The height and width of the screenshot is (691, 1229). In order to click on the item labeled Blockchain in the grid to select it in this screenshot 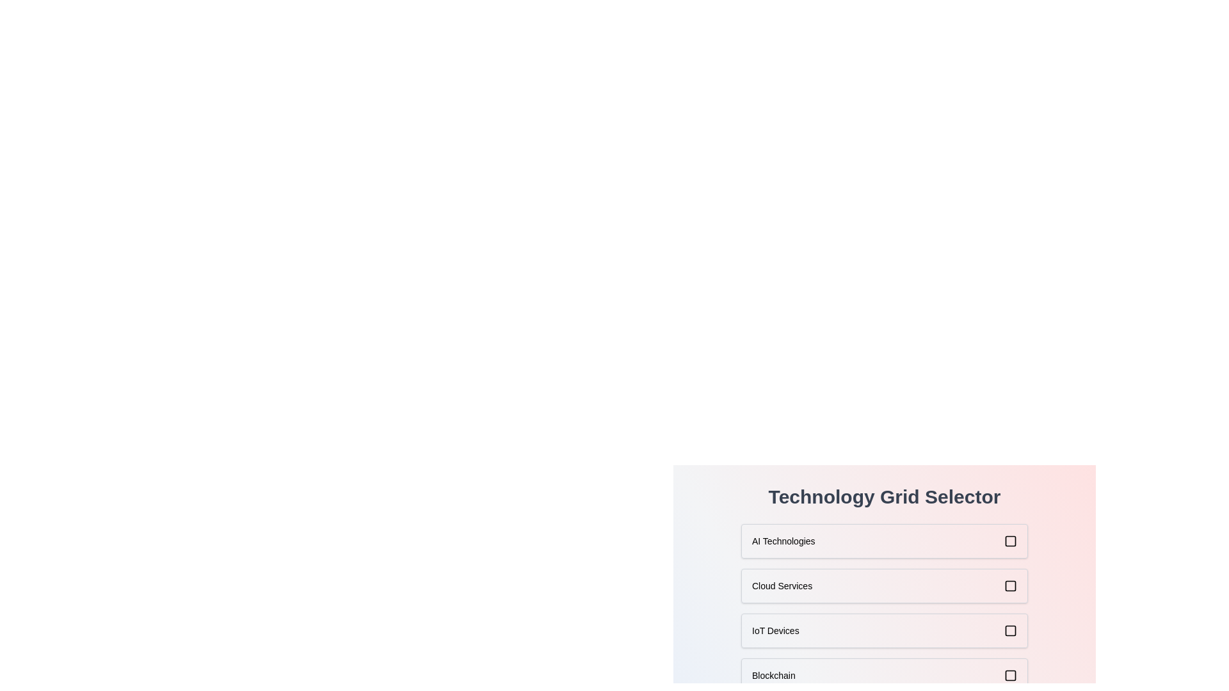, I will do `click(884, 675)`.